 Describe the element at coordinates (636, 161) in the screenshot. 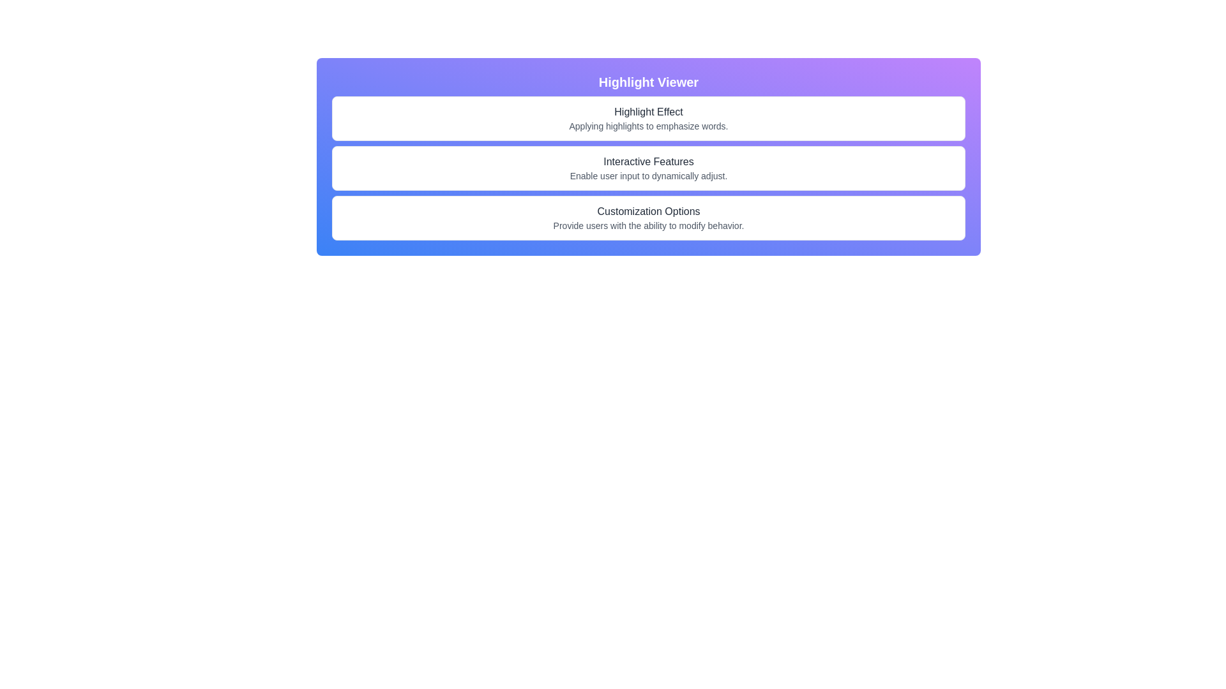

I see `the text character 't' in the phrase 'Interactive Features', which is the eighth character in the sequence and located centrally in the second row of text items` at that location.